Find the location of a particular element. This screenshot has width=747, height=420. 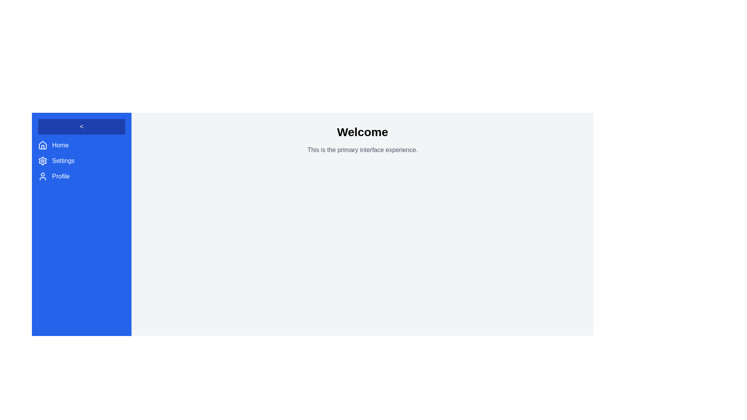

the header text element located at the top of the central content area, which is directly above the text 'This is the primary interface experience.' is located at coordinates (362, 131).